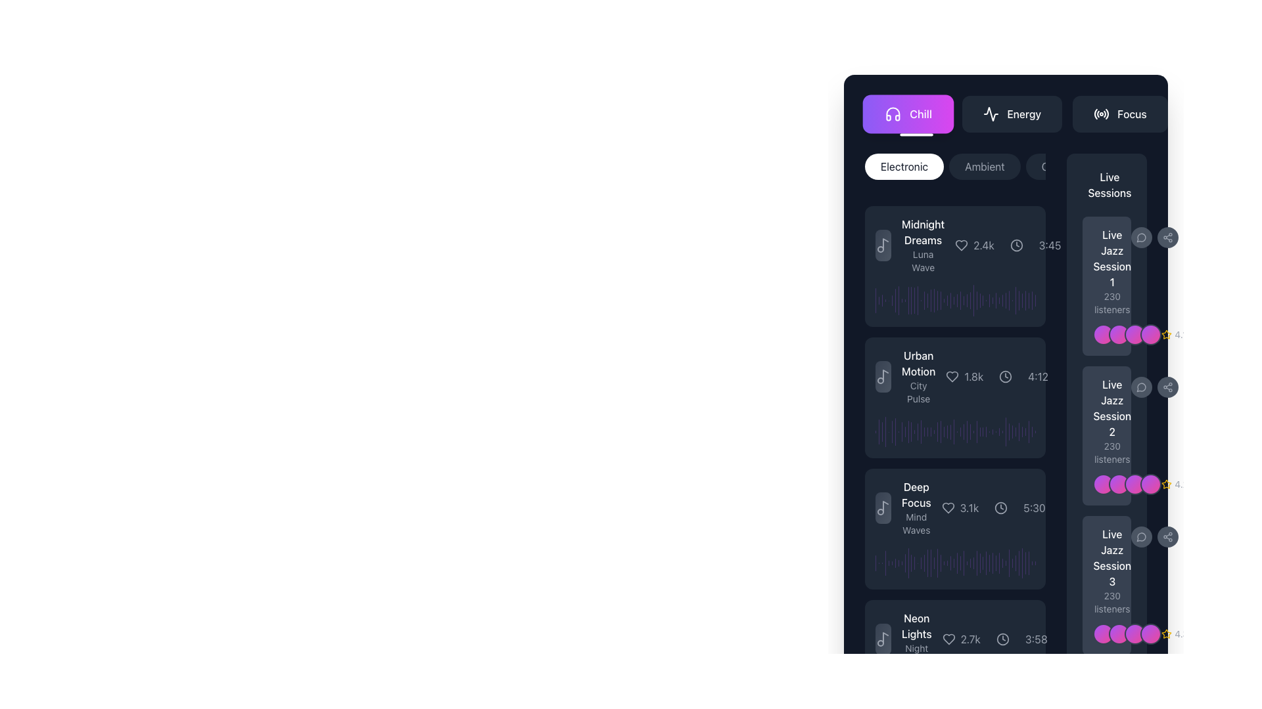  I want to click on the 38th Progress Indicator in the horizontal bar chart, which visually represents a specific data point or metric, so click(1002, 562).